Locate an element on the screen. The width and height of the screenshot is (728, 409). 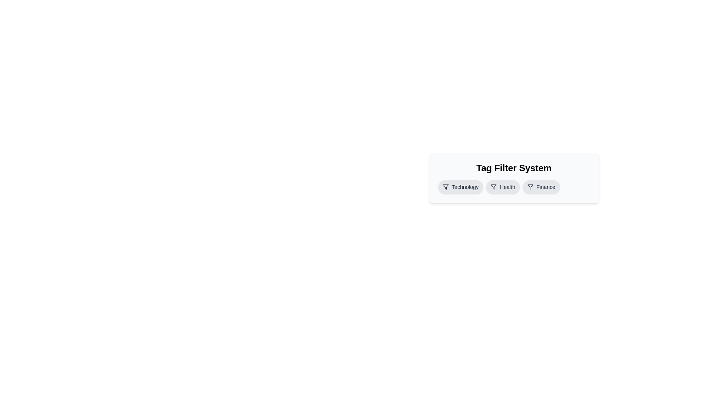
the tag labeled Finance is located at coordinates (540, 187).